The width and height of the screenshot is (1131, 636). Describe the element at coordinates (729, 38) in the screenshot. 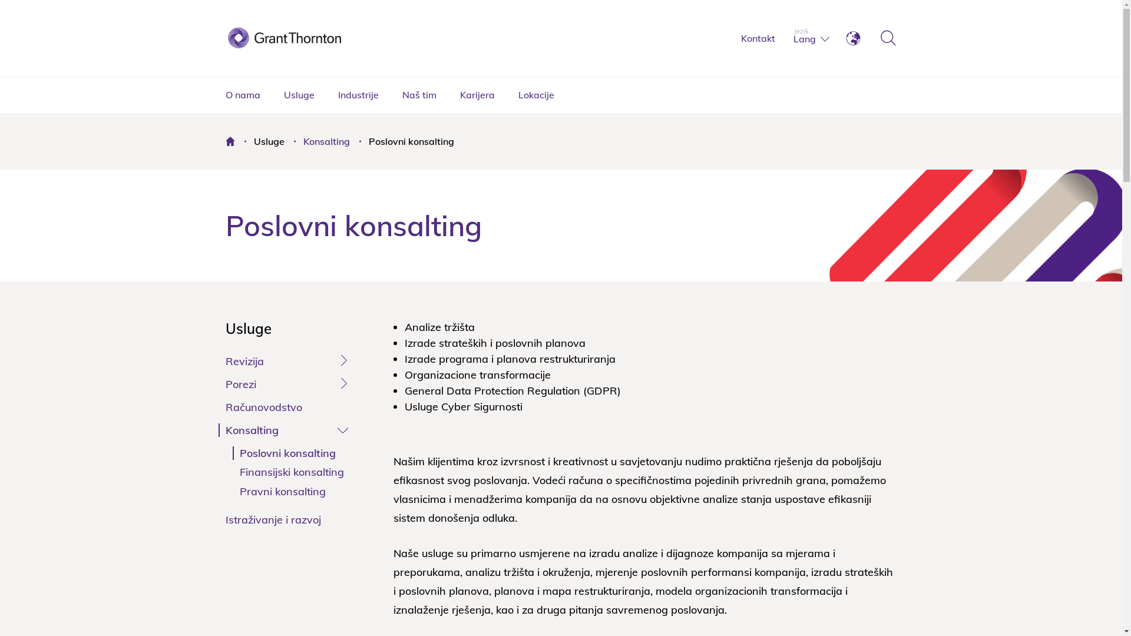

I see `'Kontakt'` at that location.